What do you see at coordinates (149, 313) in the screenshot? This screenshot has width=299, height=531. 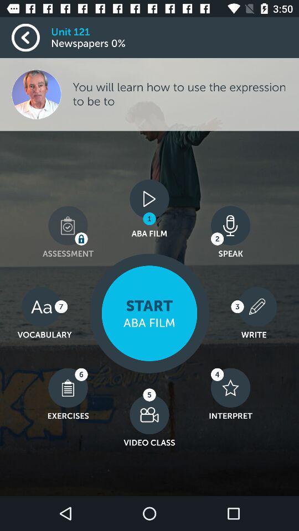 I see `start` at bounding box center [149, 313].